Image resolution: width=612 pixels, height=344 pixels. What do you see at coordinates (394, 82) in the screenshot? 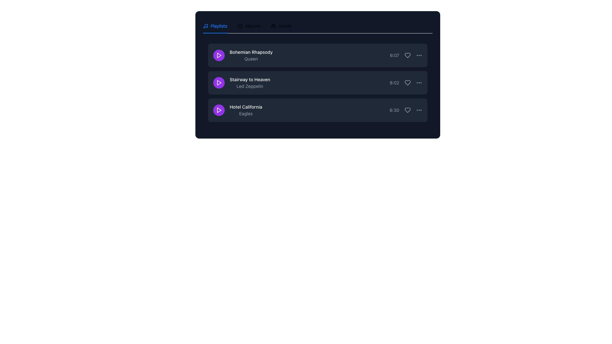
I see `the text label displaying the duration of the respective song in the playlist, located in the second row, to the left of the heart icon and the ellipsis icon` at bounding box center [394, 82].